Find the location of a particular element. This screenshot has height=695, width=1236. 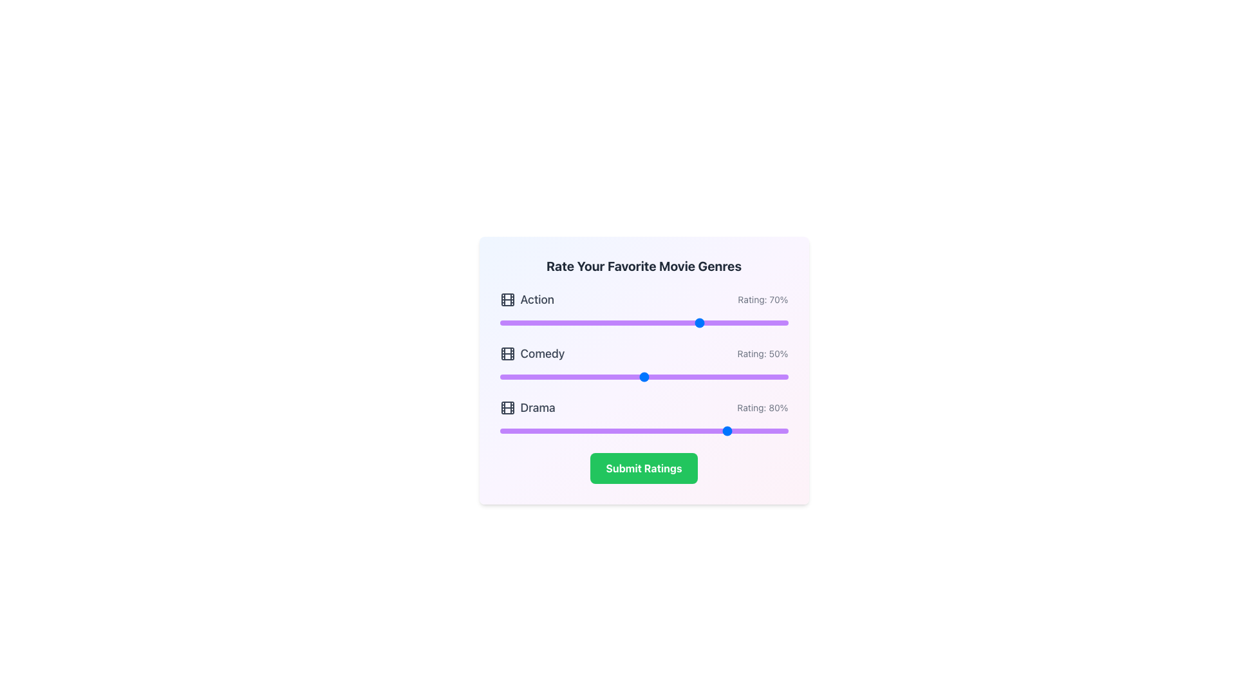

the horizontal range slider with a purple background and a rounded knob, associated with the label 'ComedyRating: 50%' is located at coordinates (644, 376).